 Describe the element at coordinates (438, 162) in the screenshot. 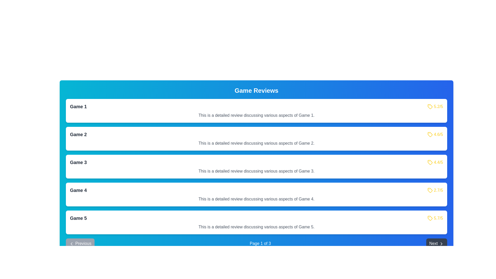

I see `displayed text '4.4/5' from the Text Display element, which is in bold yellow font and indicates a rating for 'Game 3'` at that location.